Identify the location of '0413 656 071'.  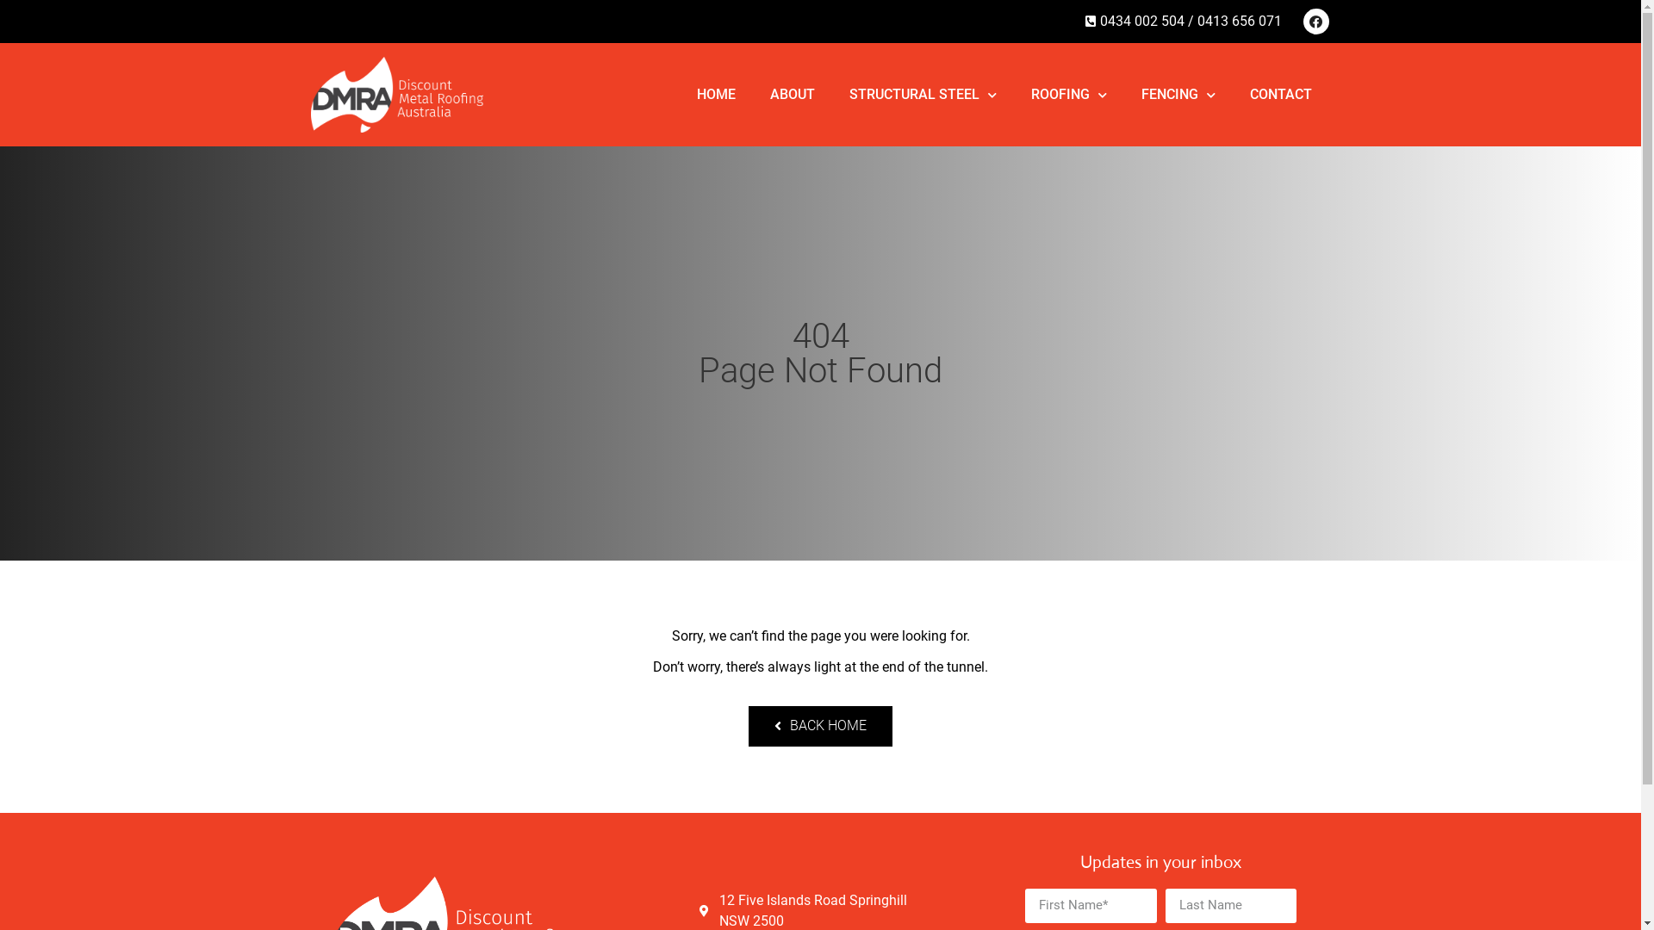
(1197, 21).